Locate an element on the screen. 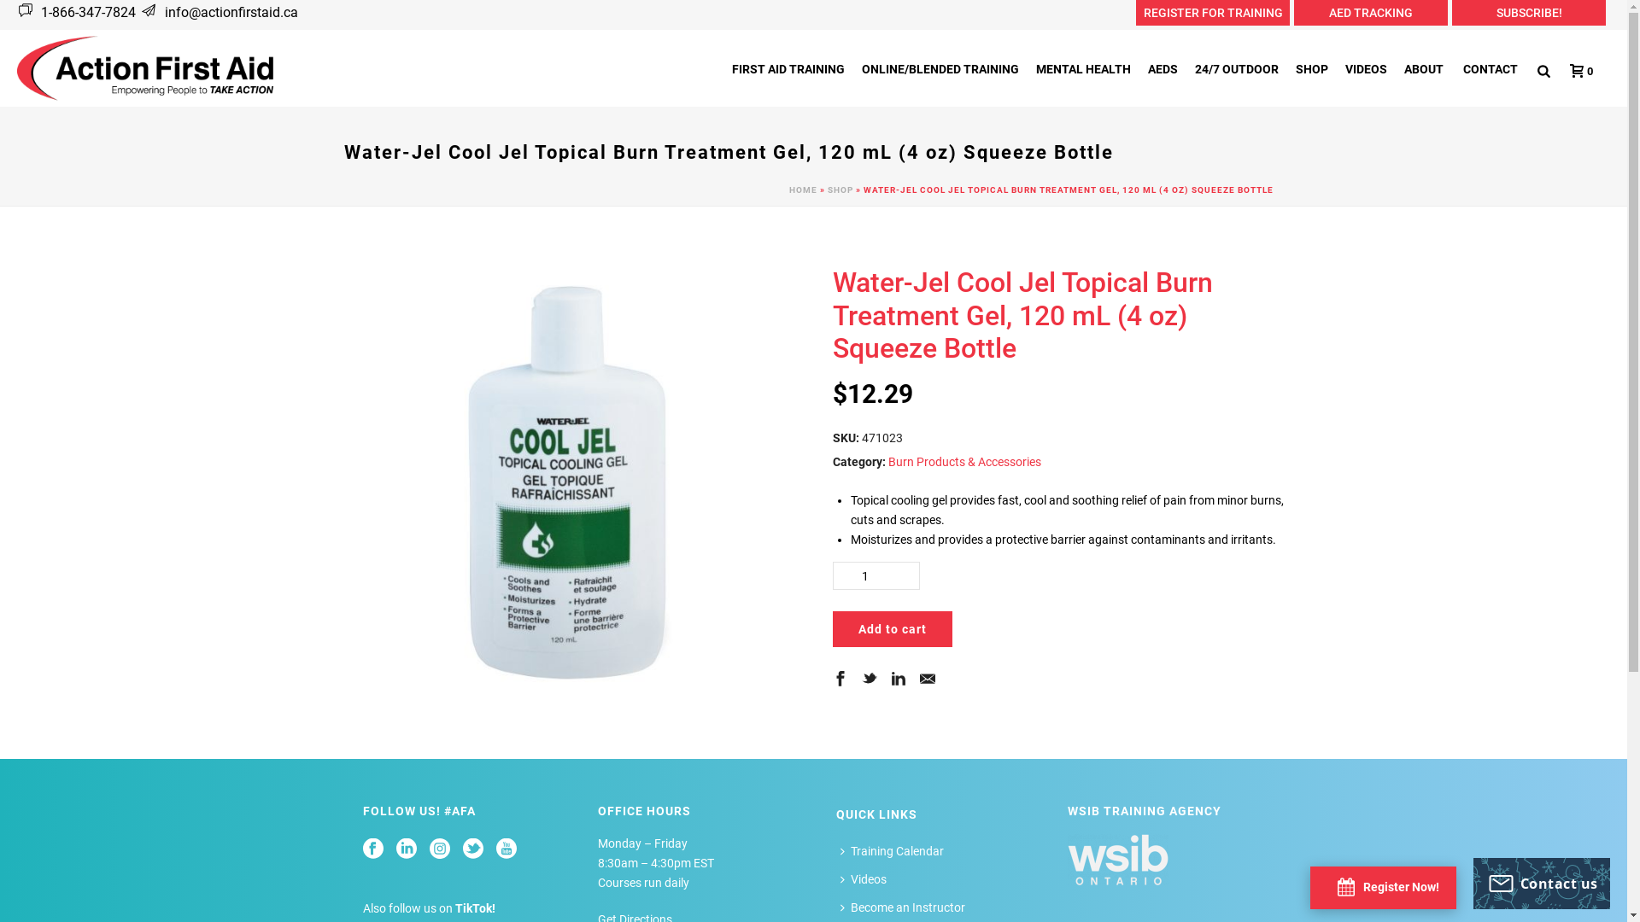 This screenshot has height=922, width=1640. 'Burn Products & Accessories' is located at coordinates (888, 461).